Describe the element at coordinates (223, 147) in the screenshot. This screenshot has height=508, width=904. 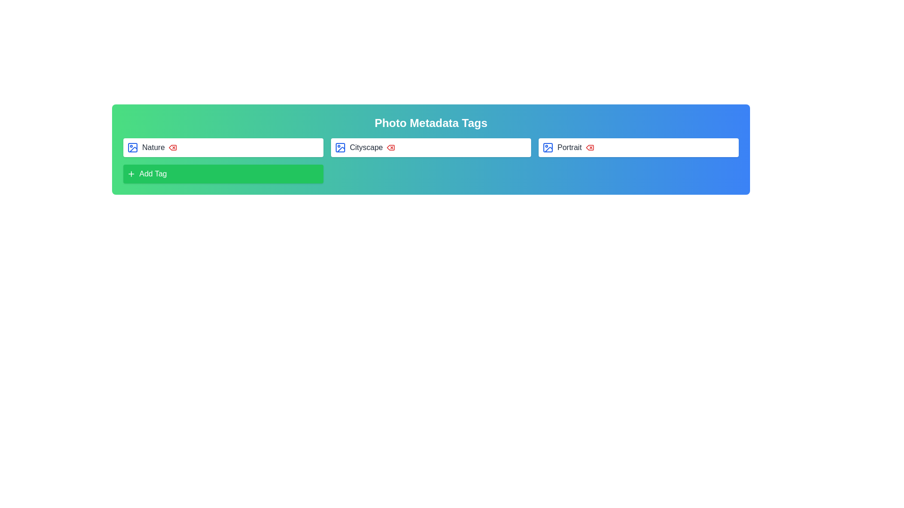
I see `the 'Nature' tag element, which is the first in a grid-style layout of tags at the top row` at that location.